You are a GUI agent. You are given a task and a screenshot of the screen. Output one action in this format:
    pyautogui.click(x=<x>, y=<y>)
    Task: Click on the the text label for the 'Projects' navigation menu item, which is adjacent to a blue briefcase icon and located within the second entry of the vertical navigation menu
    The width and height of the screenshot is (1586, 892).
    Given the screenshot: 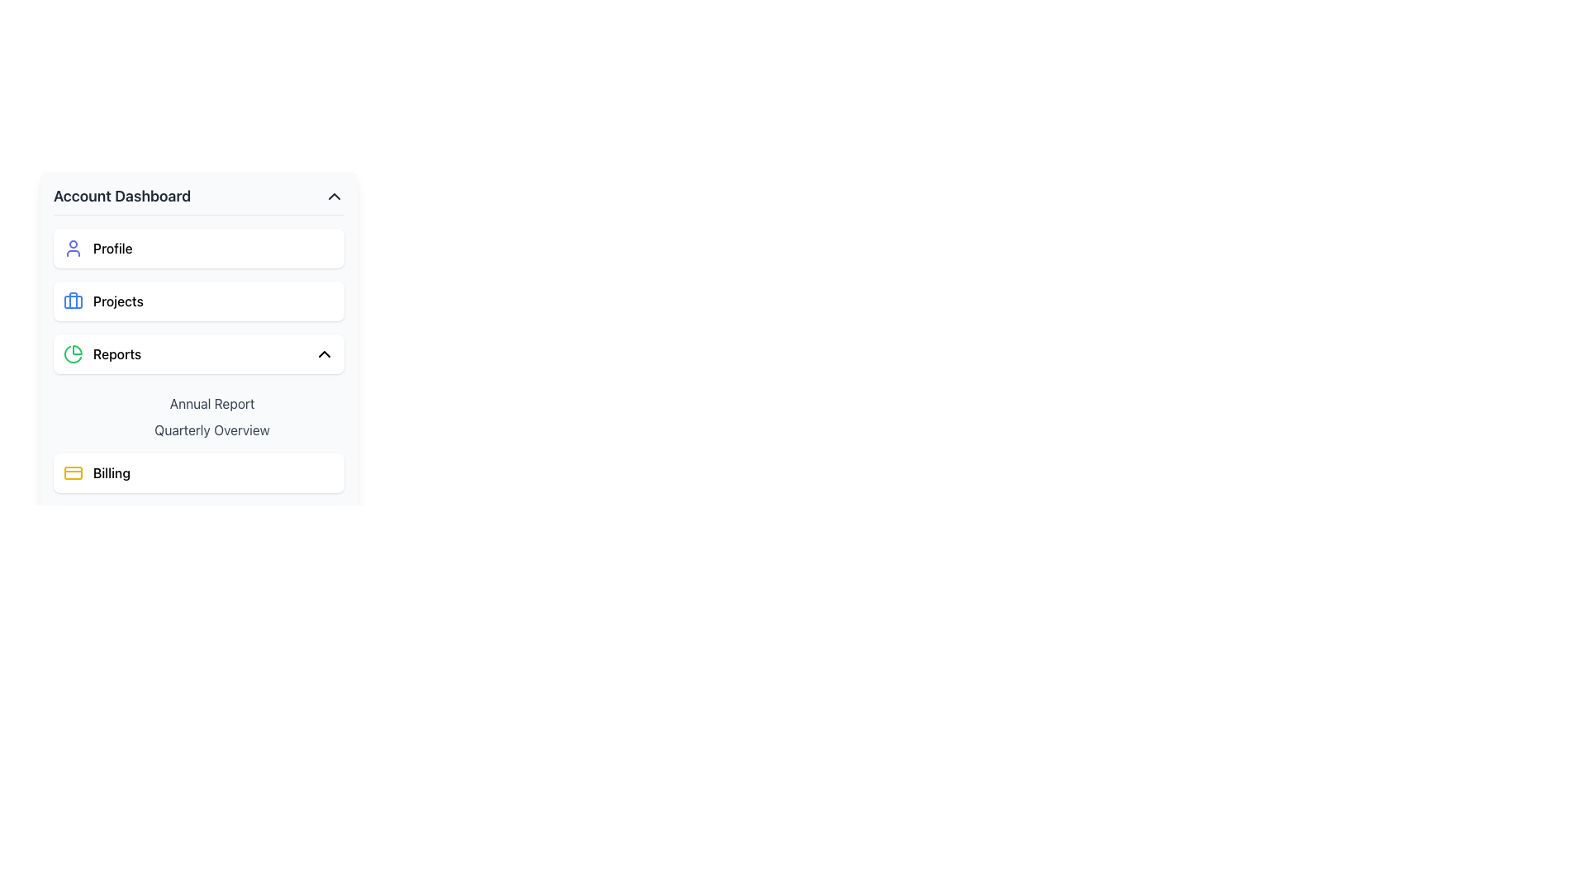 What is the action you would take?
    pyautogui.click(x=117, y=301)
    